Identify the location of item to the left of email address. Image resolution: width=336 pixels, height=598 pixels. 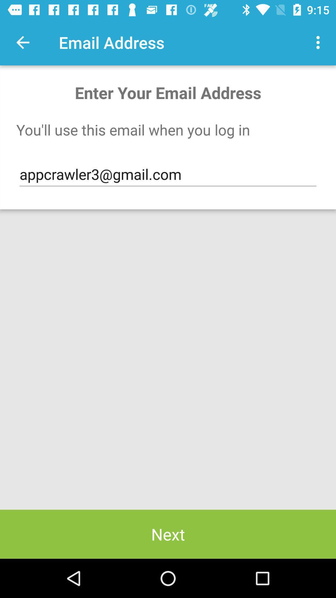
(22, 42).